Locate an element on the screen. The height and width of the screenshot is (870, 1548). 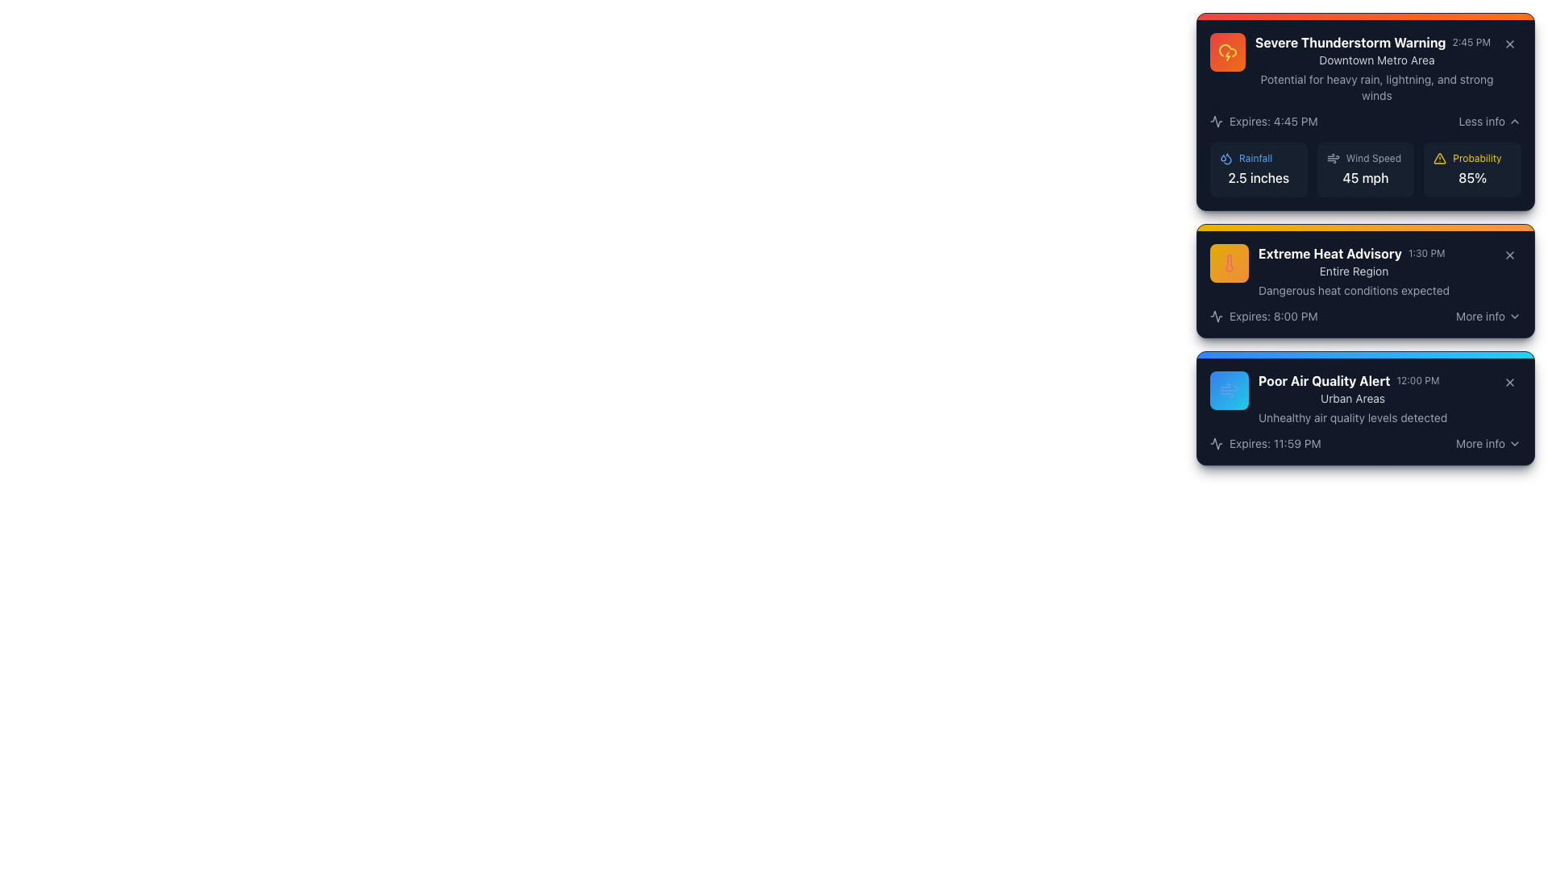
the Notification card that notifies users about poor air quality, located in the third position vertically in the list of warning cards is located at coordinates (1365, 410).